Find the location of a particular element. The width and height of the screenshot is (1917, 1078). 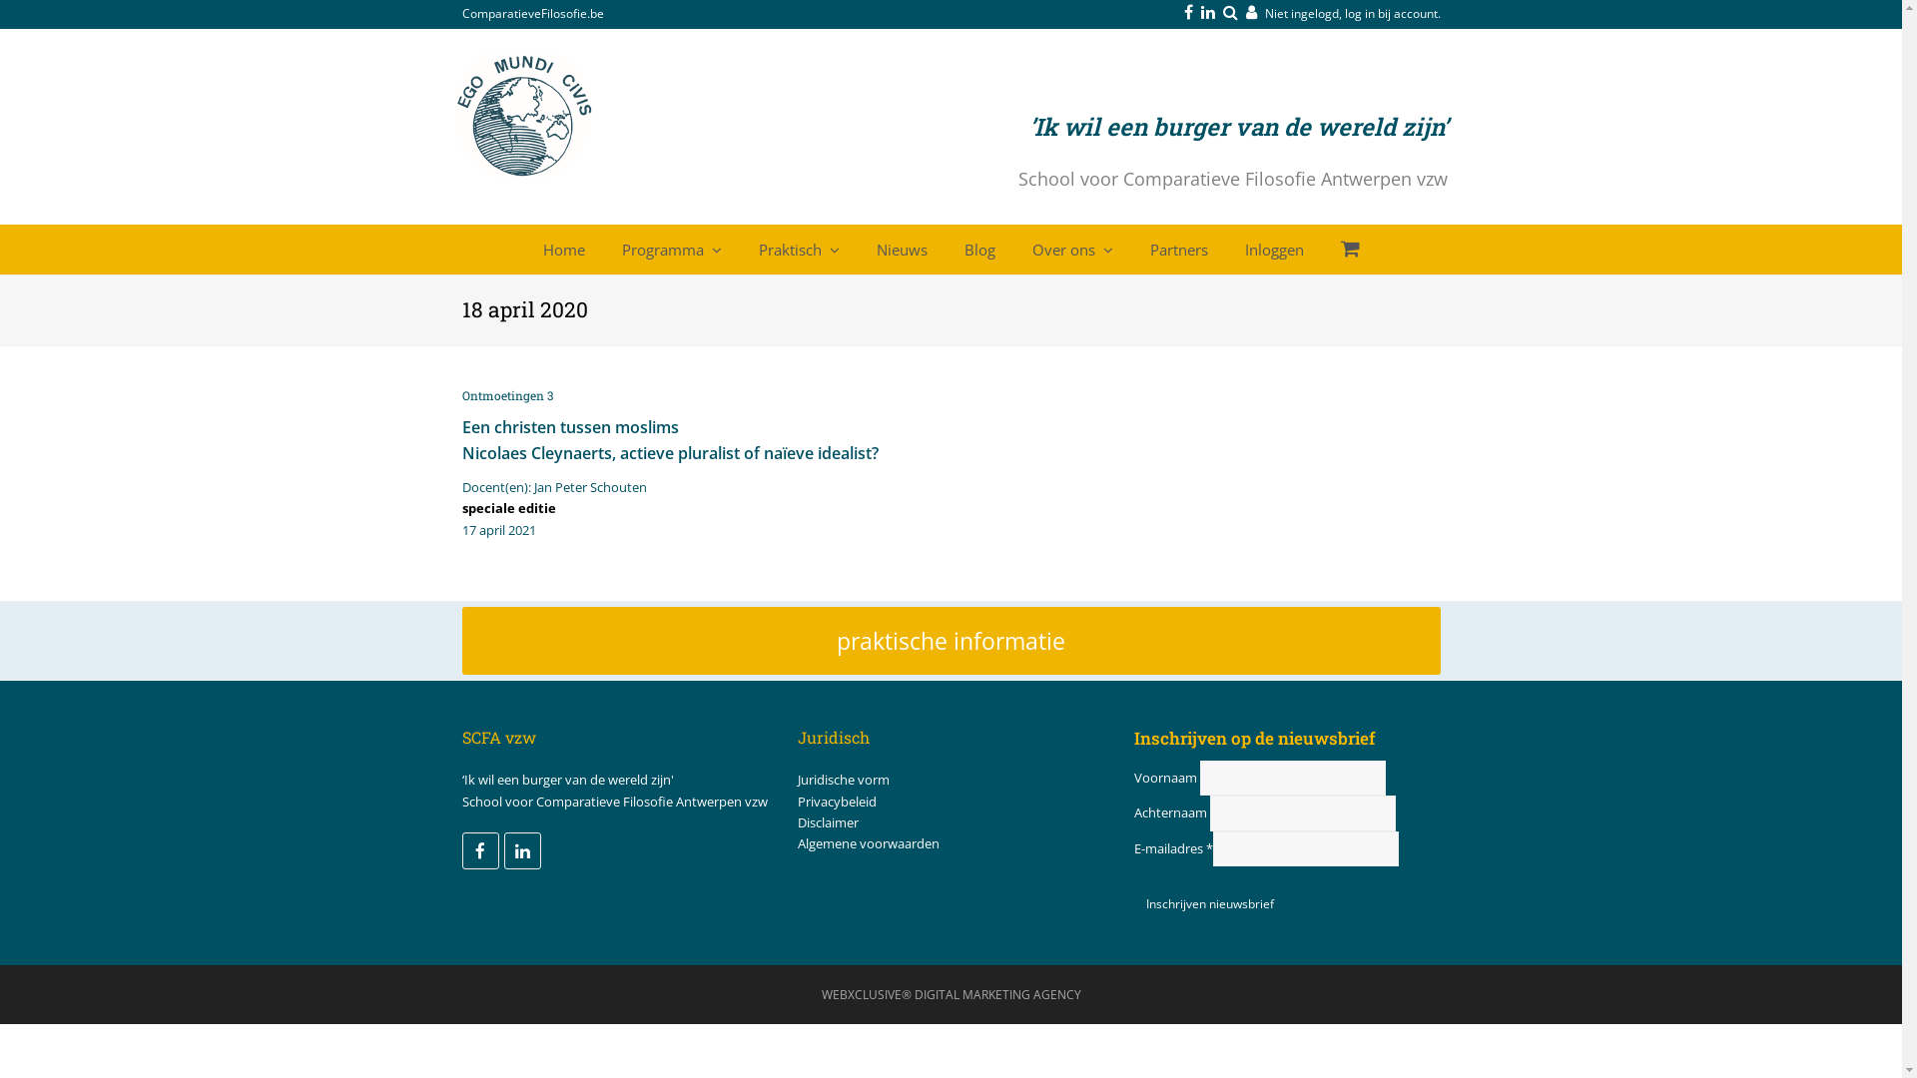

'ComparatieveFilosofie.be' is located at coordinates (531, 13).